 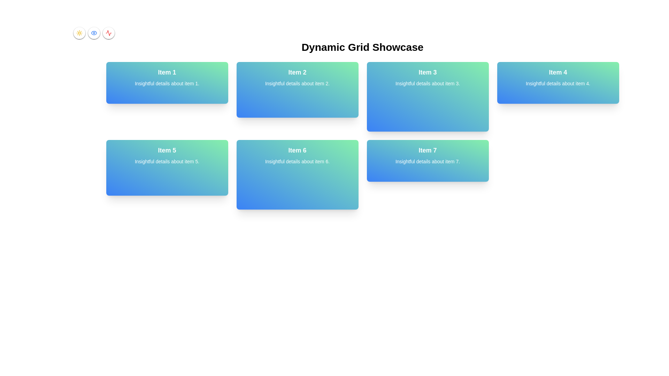 What do you see at coordinates (427, 72) in the screenshot?
I see `text header labeled 'Item 3' located at the top of the third card in the dynamic grid layout for information` at bounding box center [427, 72].